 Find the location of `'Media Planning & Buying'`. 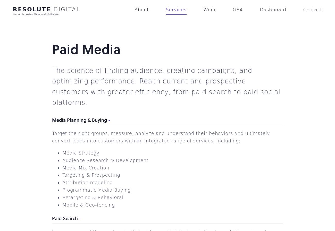

'Media Planning & Buying' is located at coordinates (52, 119).